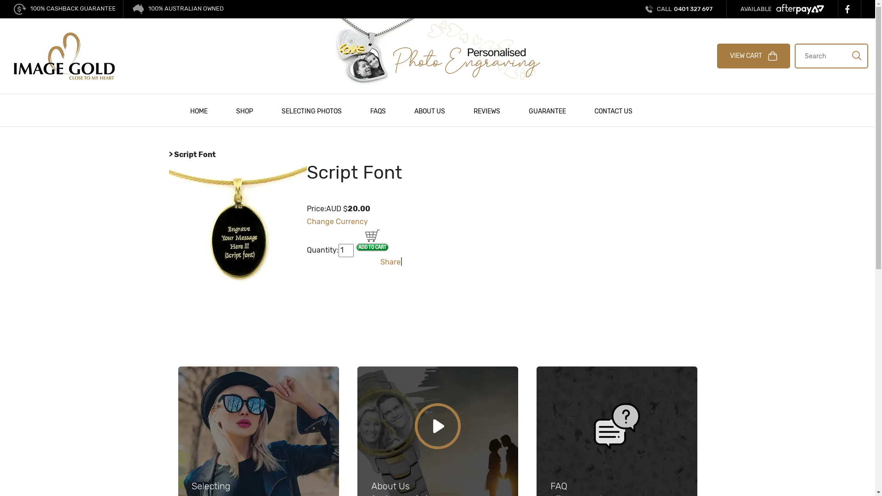  I want to click on 'VIEW CART', so click(716, 56).